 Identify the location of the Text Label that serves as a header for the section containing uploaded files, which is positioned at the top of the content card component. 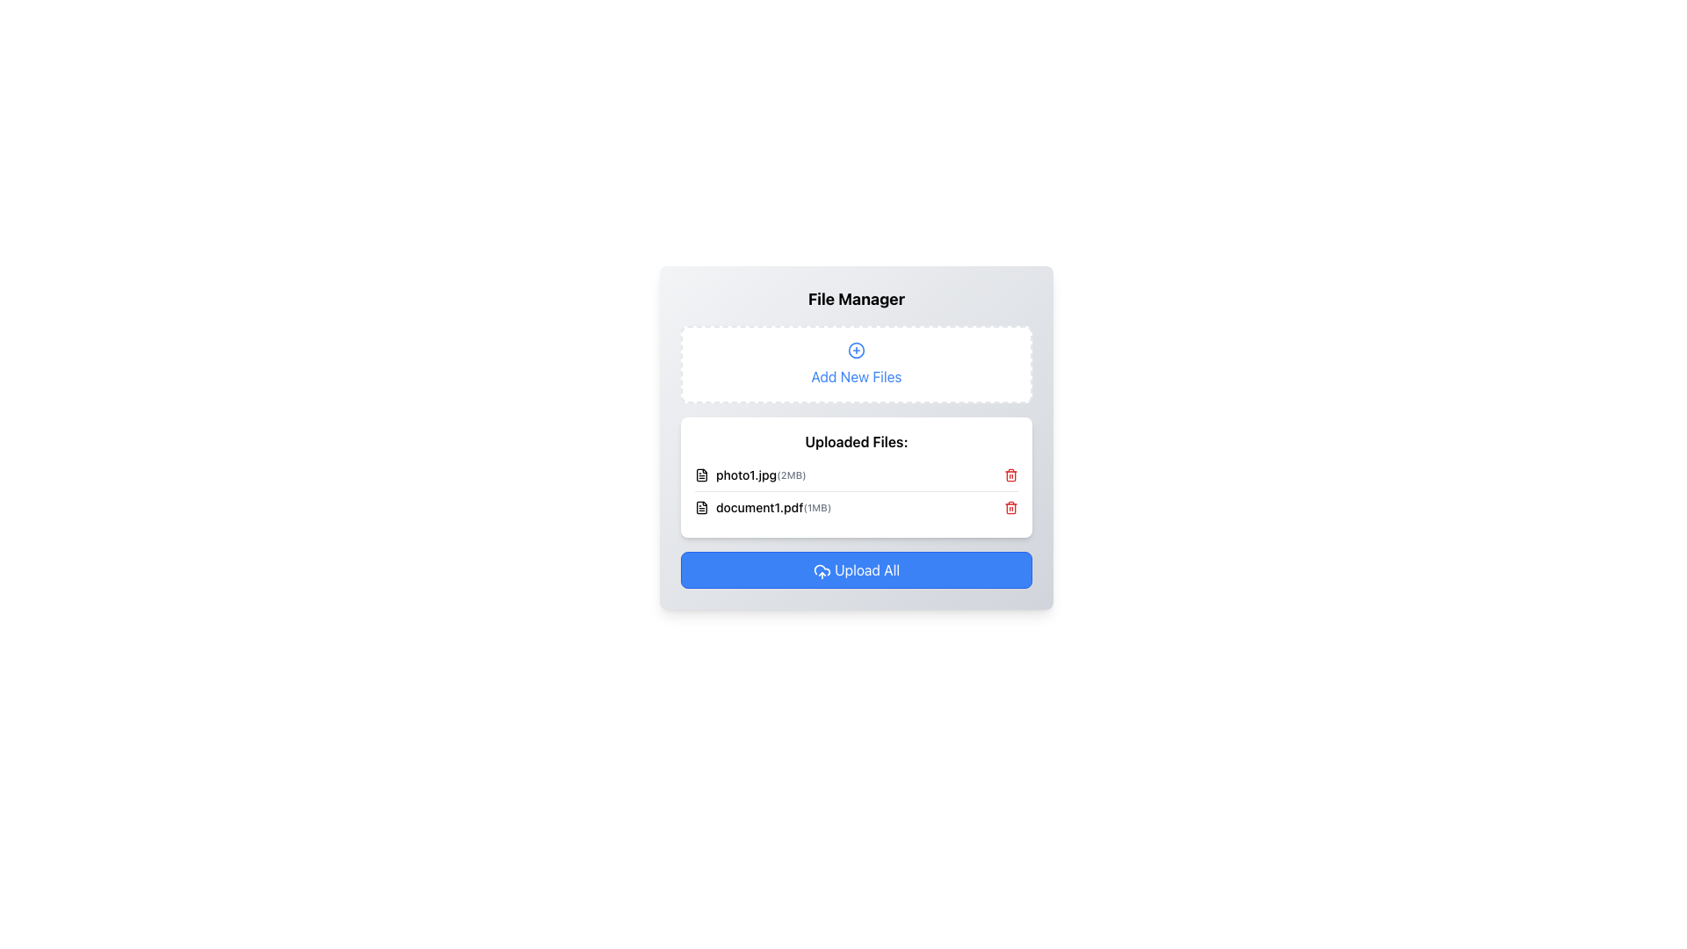
(856, 440).